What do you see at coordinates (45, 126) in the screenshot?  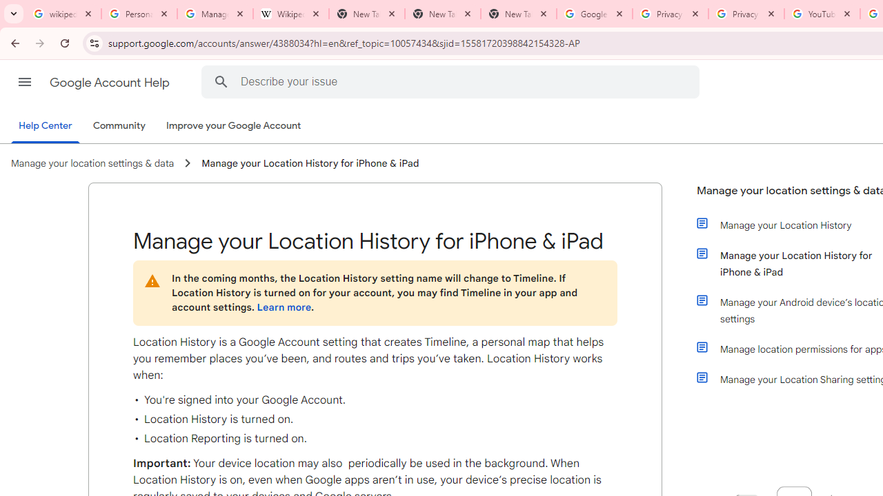 I see `'Help Center'` at bounding box center [45, 126].